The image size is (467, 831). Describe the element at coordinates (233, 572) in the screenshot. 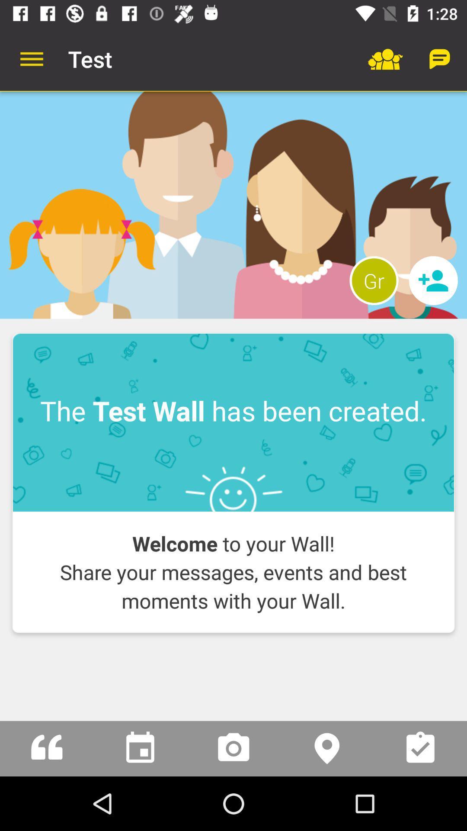

I see `welcome to your icon` at that location.